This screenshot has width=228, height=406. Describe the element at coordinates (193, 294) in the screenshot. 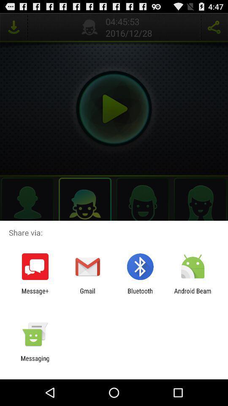

I see `item next to bluetooth icon` at that location.